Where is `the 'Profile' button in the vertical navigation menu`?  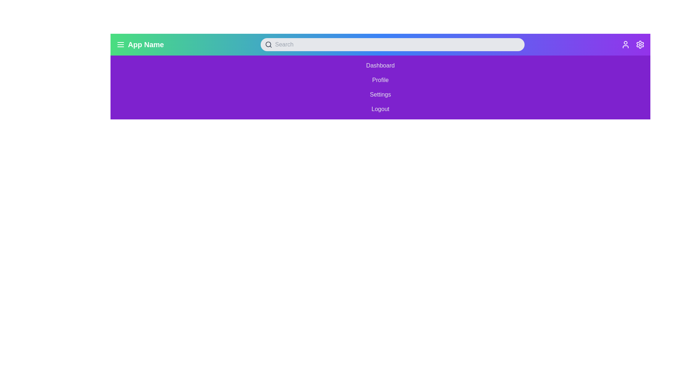 the 'Profile' button in the vertical navigation menu is located at coordinates (380, 80).